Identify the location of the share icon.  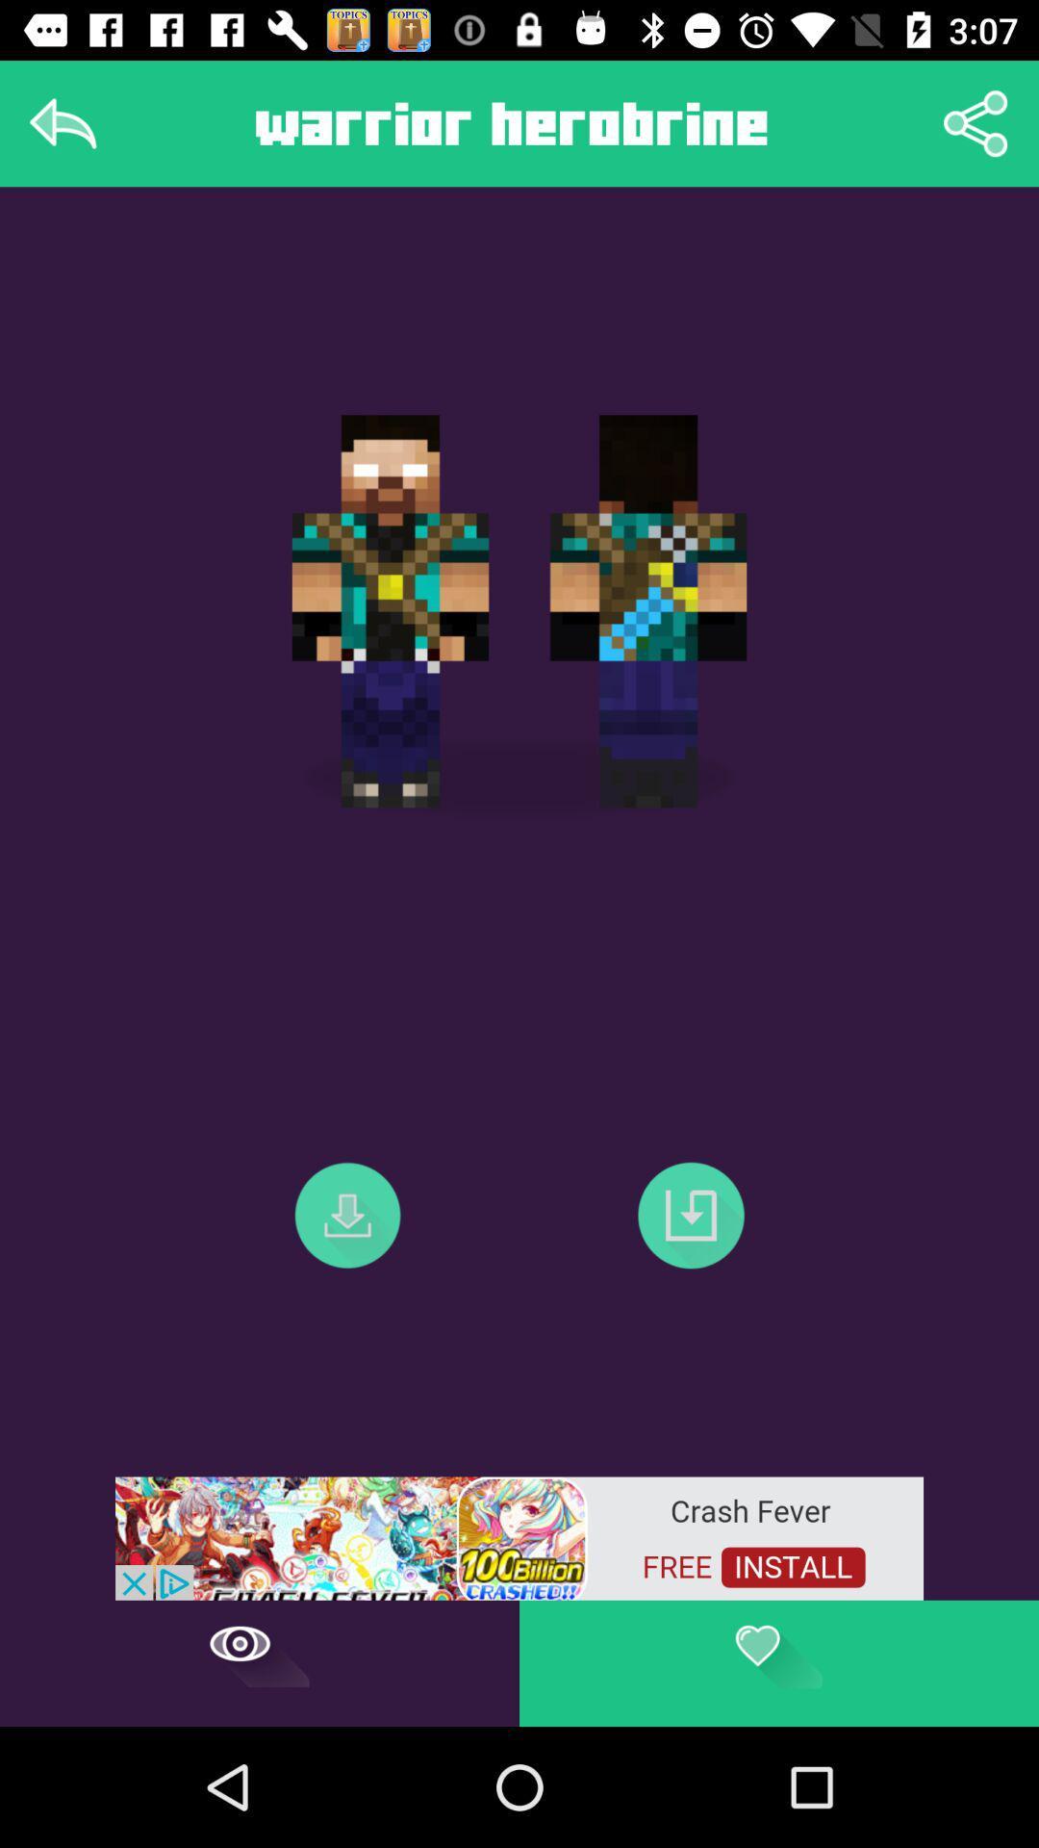
(976, 122).